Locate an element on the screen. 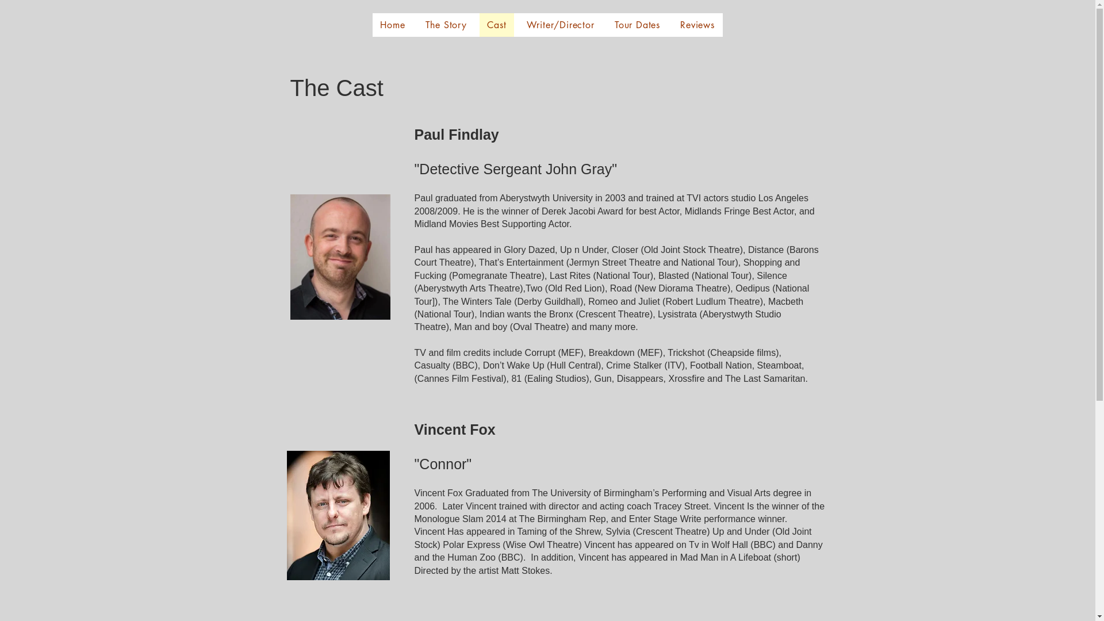 This screenshot has width=1104, height=621. 'Cast' is located at coordinates (480, 25).